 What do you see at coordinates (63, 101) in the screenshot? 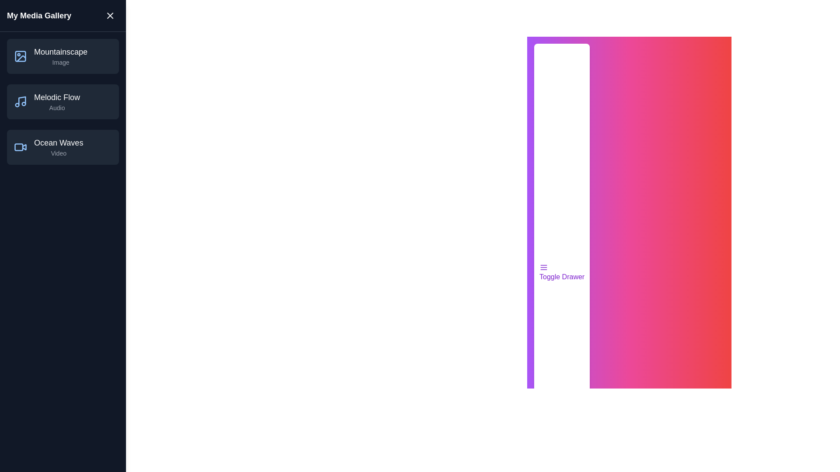
I see `the media item Melodic Flow from the list` at bounding box center [63, 101].